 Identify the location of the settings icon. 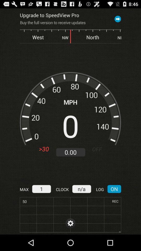
(70, 239).